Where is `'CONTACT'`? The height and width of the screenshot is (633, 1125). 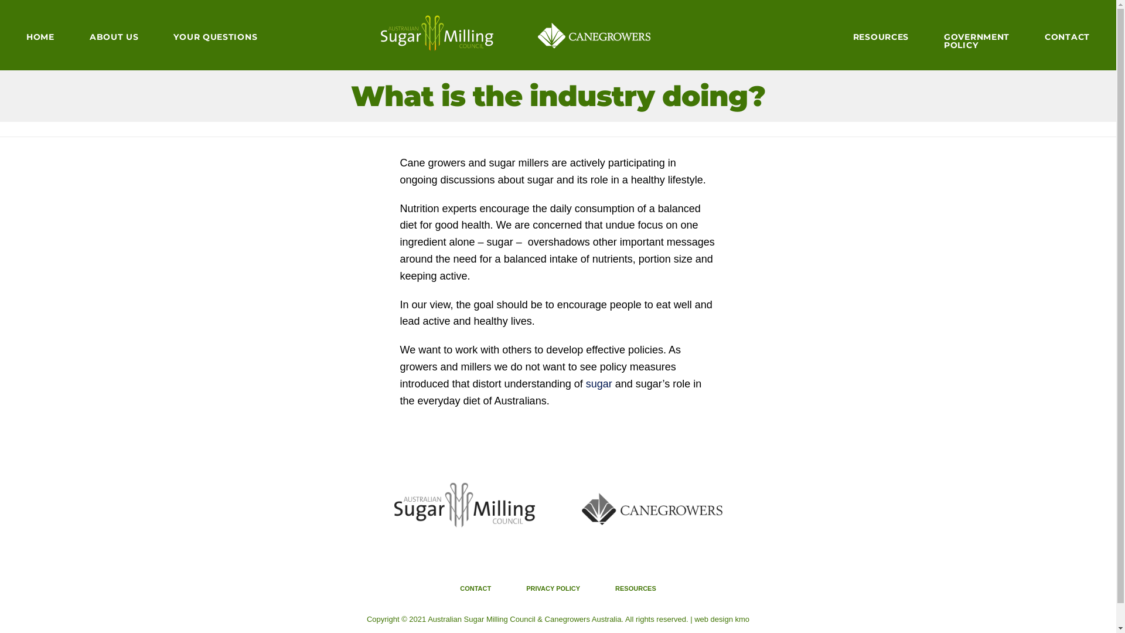 'CONTACT' is located at coordinates (1067, 35).